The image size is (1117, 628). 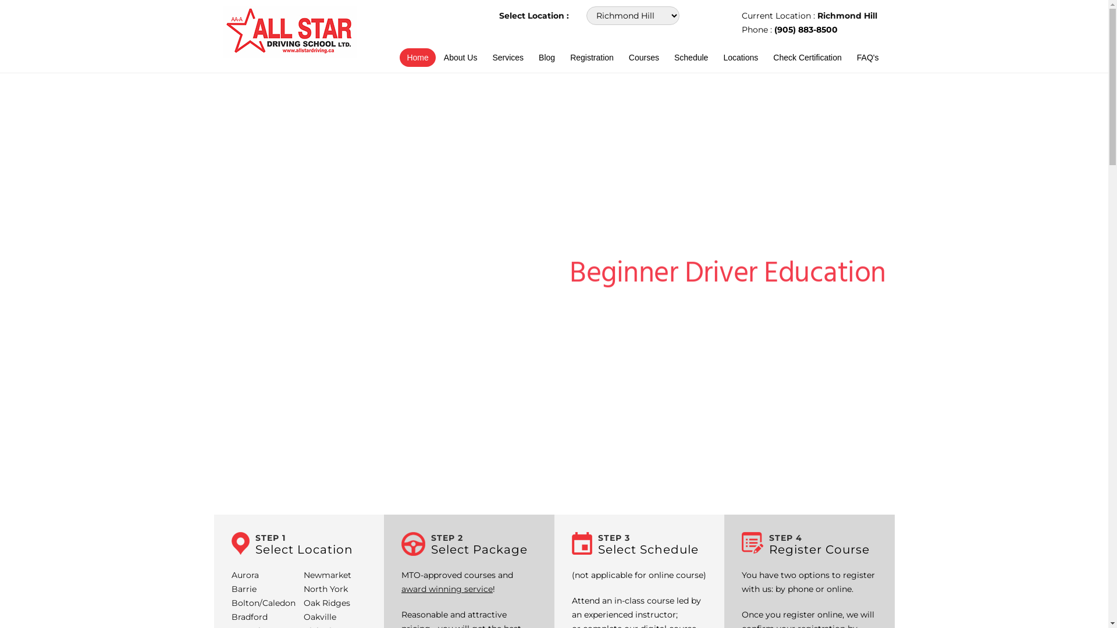 I want to click on 'FAQ's', so click(x=849, y=58).